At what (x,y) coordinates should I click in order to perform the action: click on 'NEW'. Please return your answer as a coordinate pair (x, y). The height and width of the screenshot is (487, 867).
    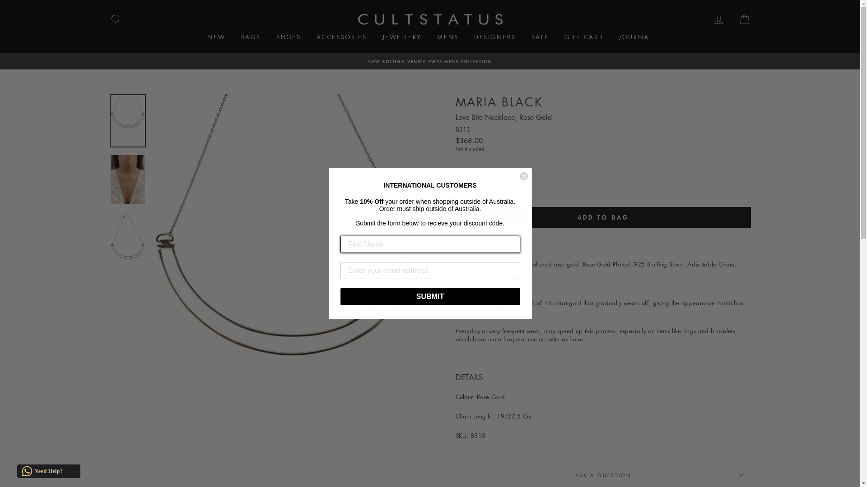
    Looking at the image, I should click on (216, 36).